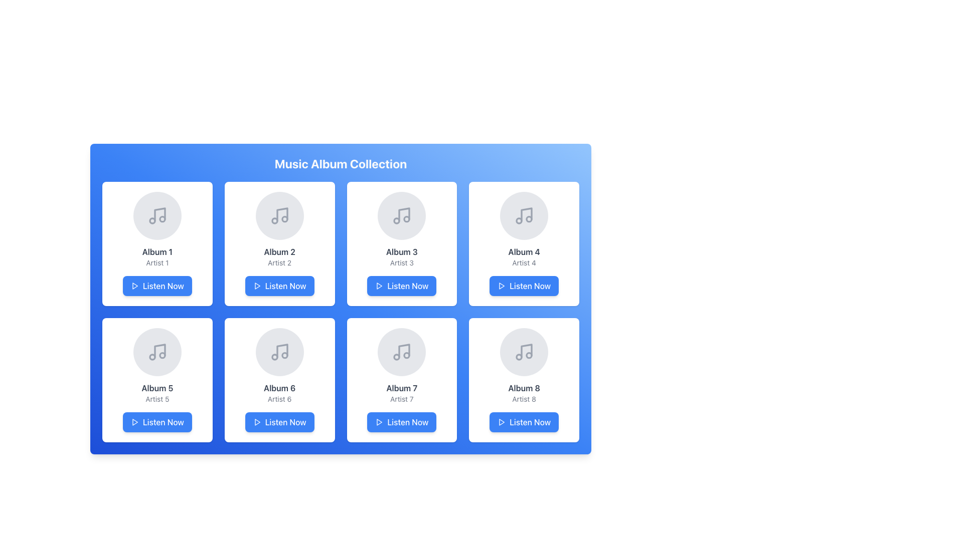  I want to click on the blue 'Listen Now' button with rounded corners and a play icon, located below 'Album 3' and 'Artist 3' in the third card of a 2x4 grid layout, so click(402, 286).